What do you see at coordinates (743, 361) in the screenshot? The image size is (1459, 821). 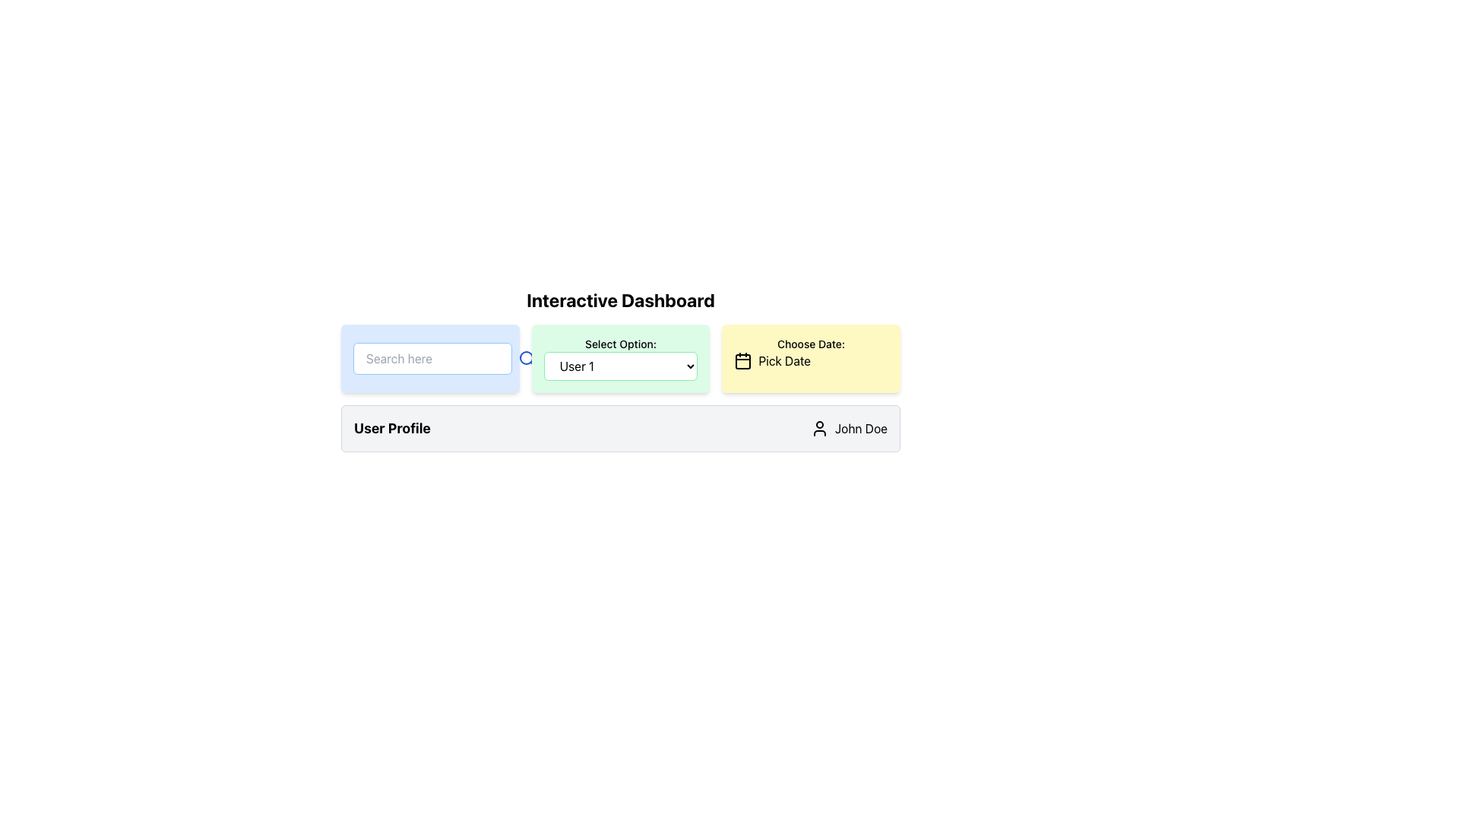 I see `the Decorative SVG rectangle located inside the calendar icon in the 'Choose Date:' section` at bounding box center [743, 361].